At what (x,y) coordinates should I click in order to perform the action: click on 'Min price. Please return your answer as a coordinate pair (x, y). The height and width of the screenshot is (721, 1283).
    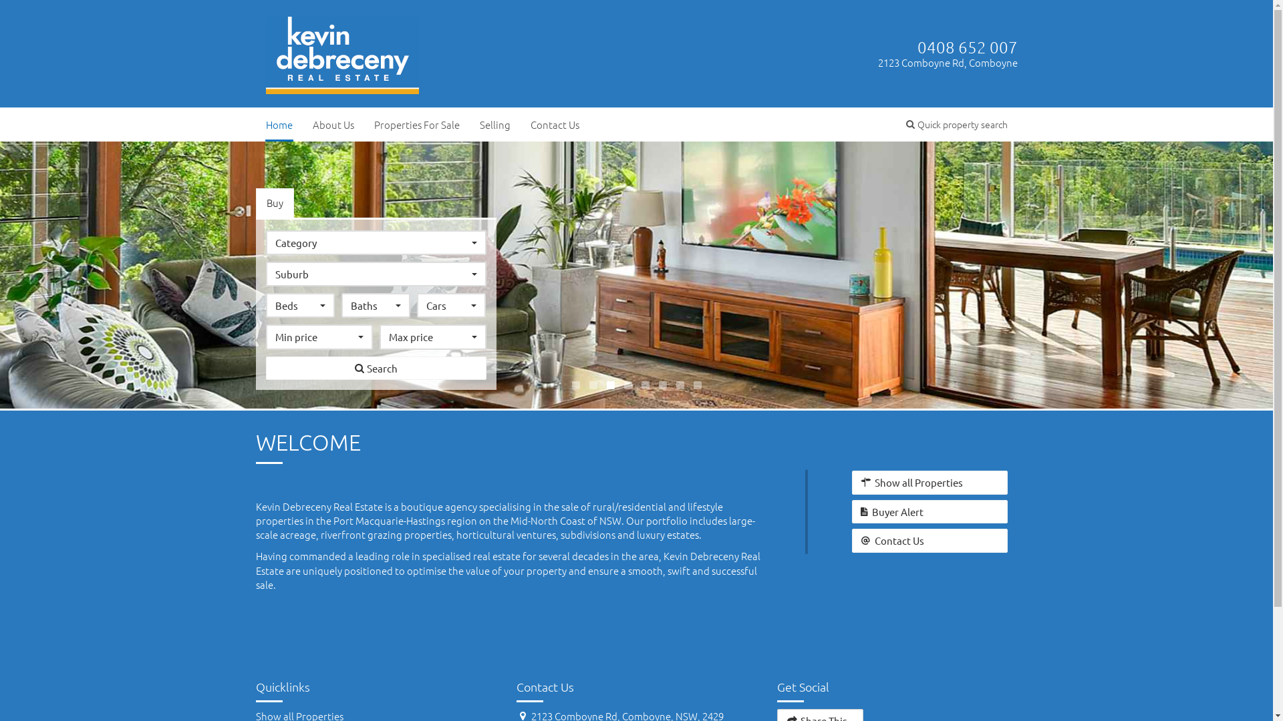
    Looking at the image, I should click on (319, 336).